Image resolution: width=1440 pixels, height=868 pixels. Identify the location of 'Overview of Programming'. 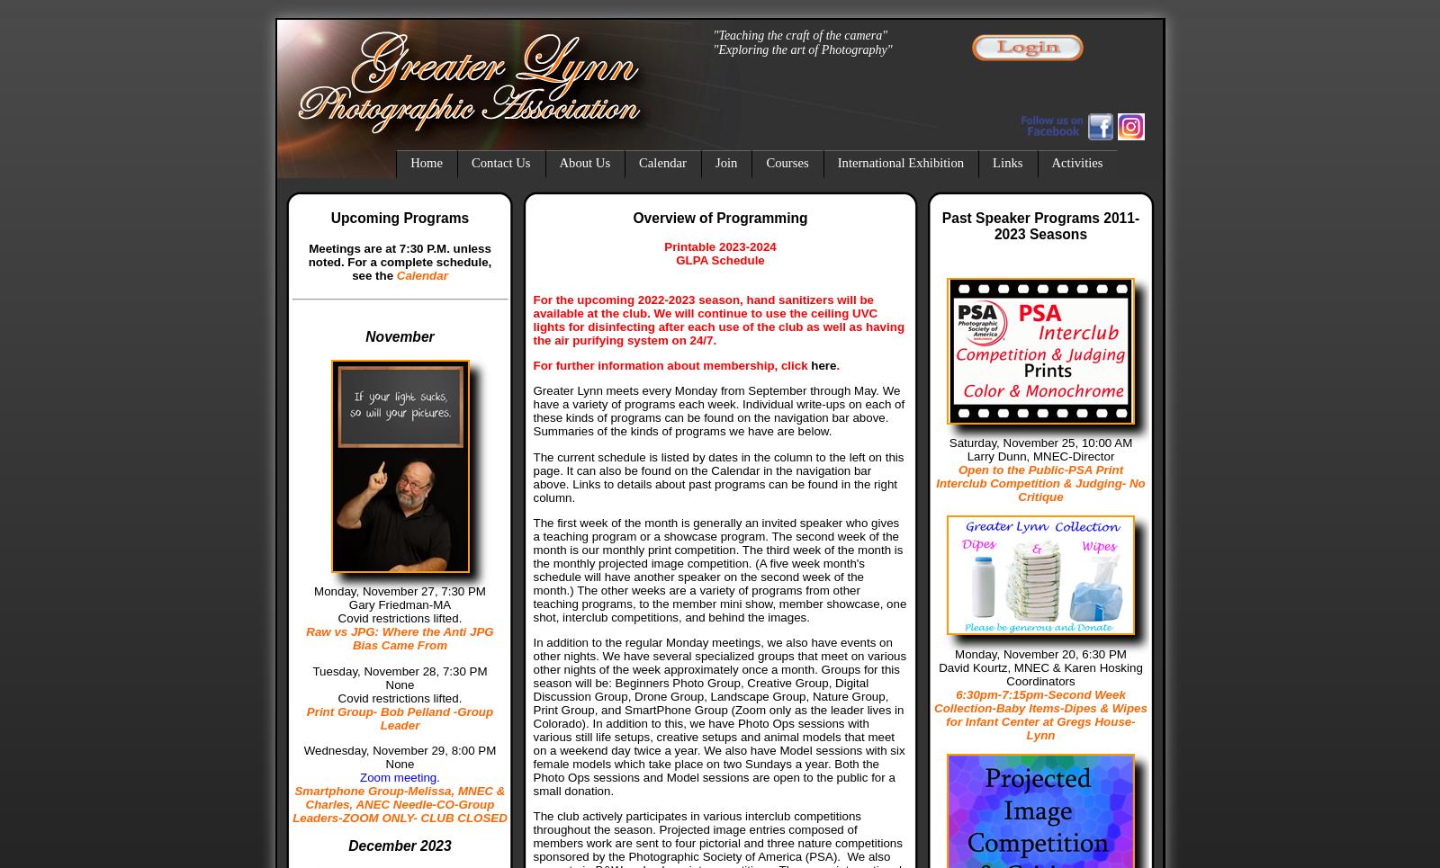
(720, 216).